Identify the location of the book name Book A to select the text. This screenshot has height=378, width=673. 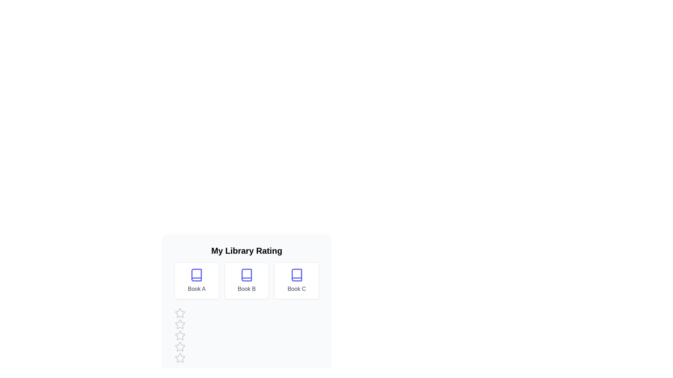
(196, 289).